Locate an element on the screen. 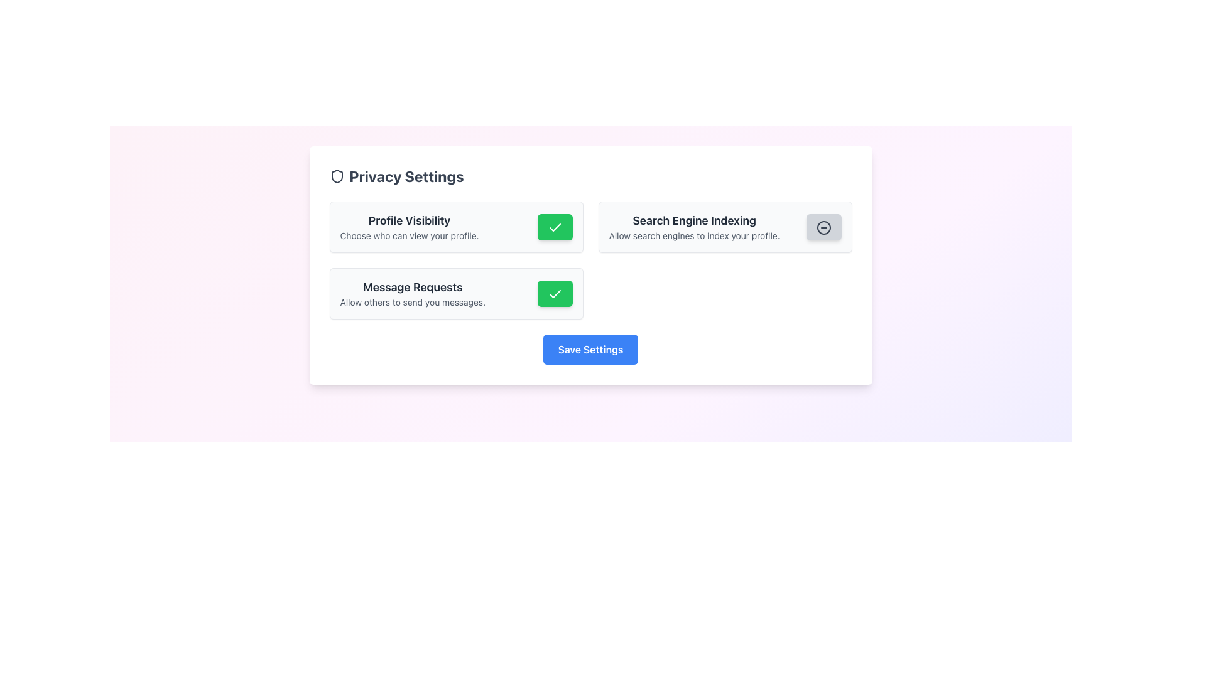  the green rounded rectangle button with a white checkmark located to the right of the 'Profile Visibility' text to observe its visual transition effect is located at coordinates (554, 227).